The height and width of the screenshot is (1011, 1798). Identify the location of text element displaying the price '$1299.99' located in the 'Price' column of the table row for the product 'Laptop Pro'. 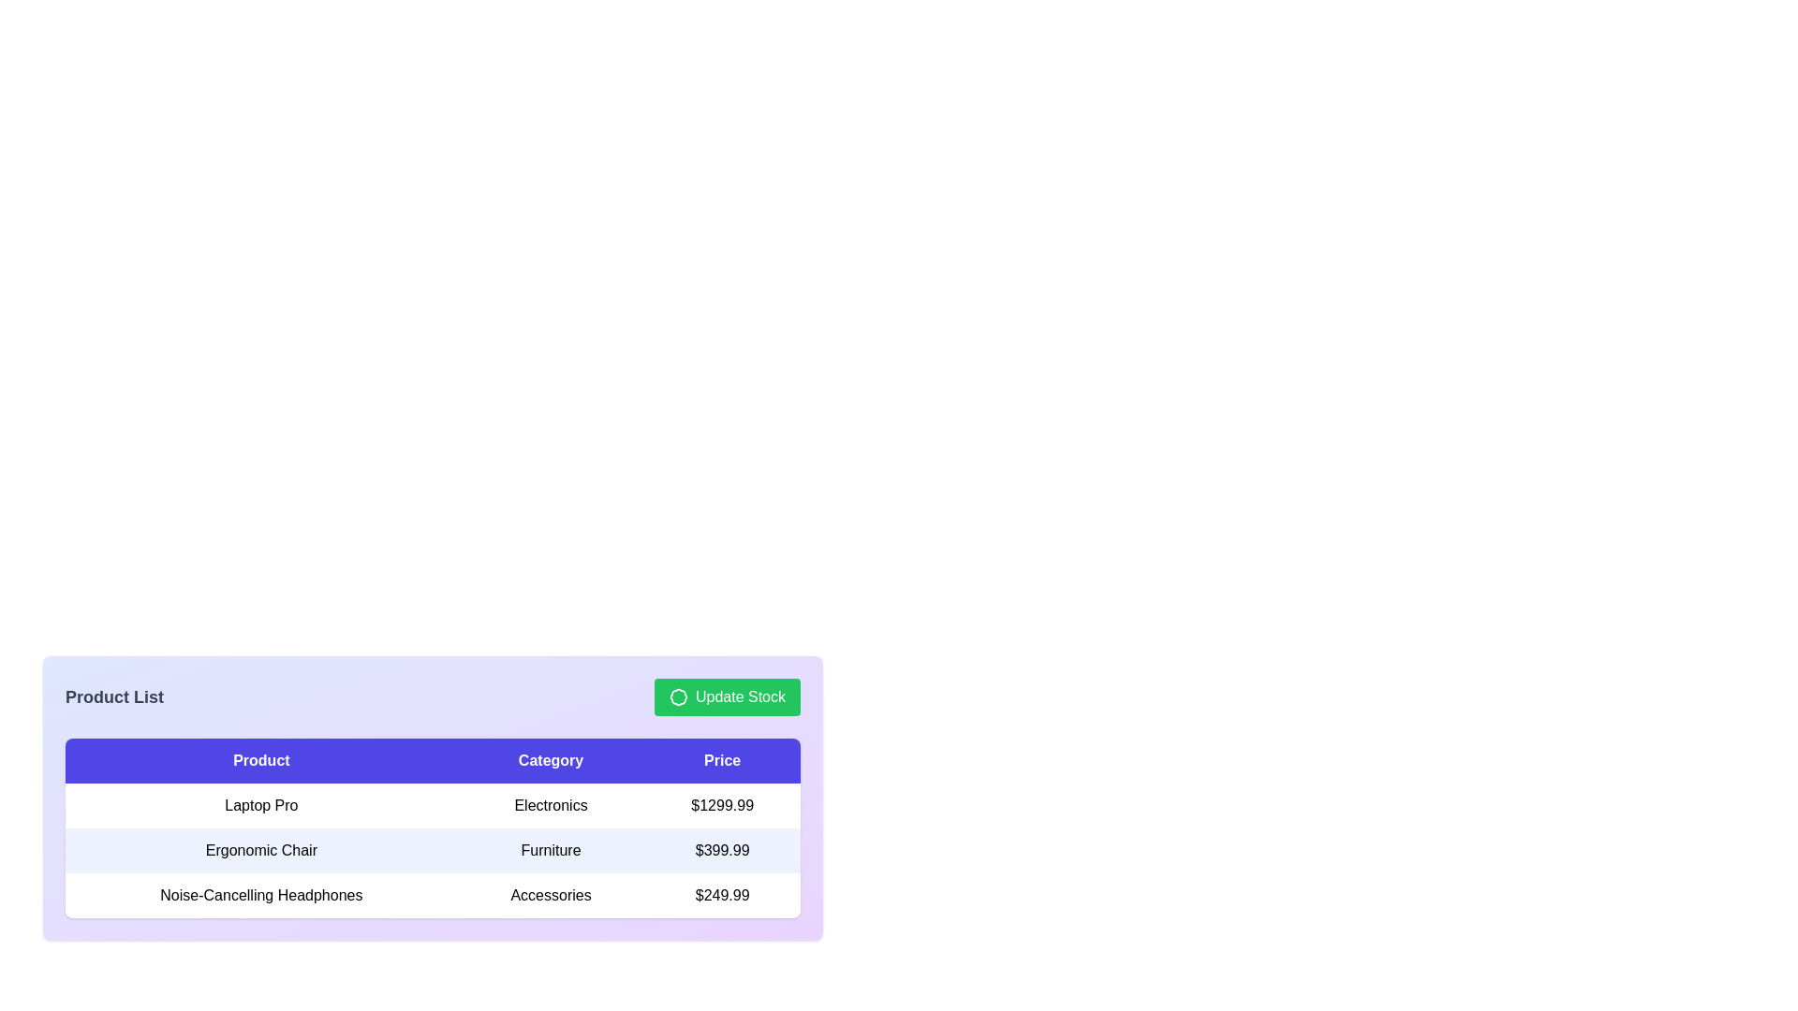
(721, 804).